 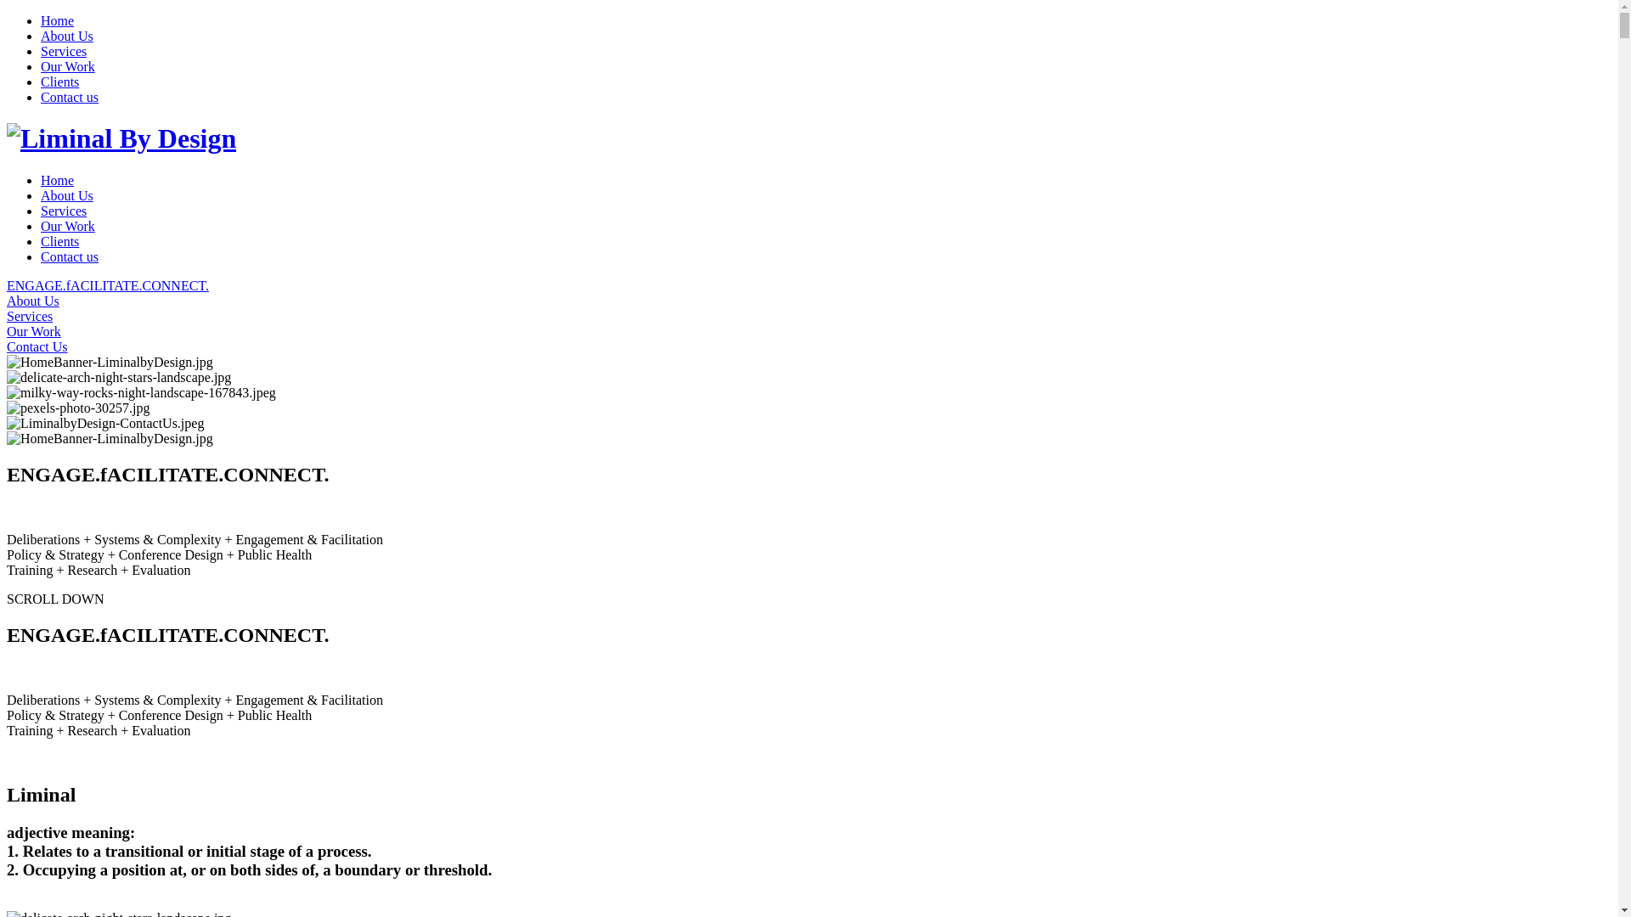 I want to click on 'Clients', so click(x=41, y=82).